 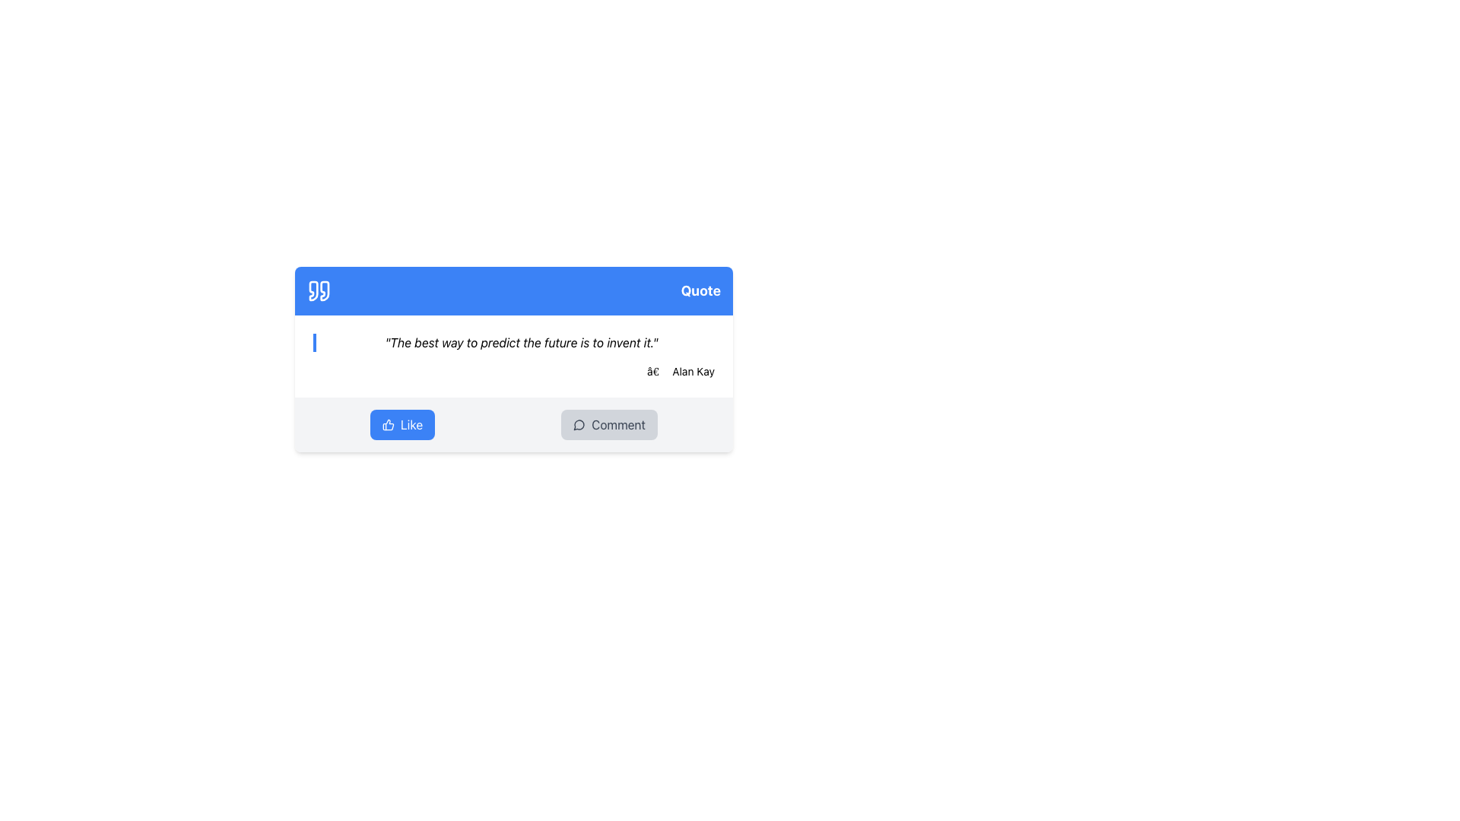 What do you see at coordinates (324, 290) in the screenshot?
I see `the second quotation mark icon located at the top-left of the card header, which serves as a decorative element in a set of two quotation marks` at bounding box center [324, 290].